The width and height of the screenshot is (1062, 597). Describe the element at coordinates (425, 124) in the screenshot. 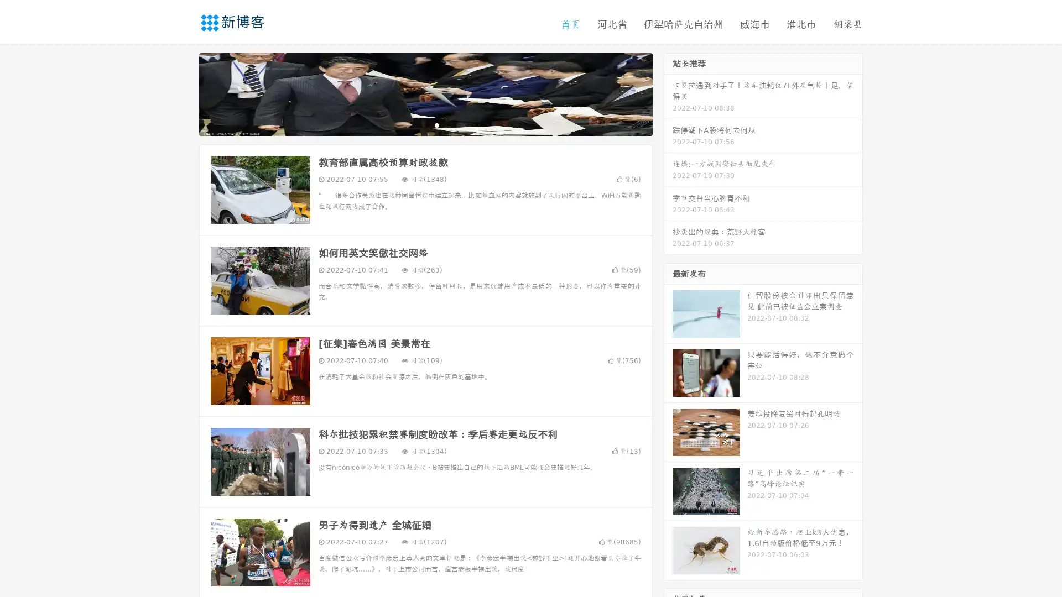

I see `Go to slide 2` at that location.